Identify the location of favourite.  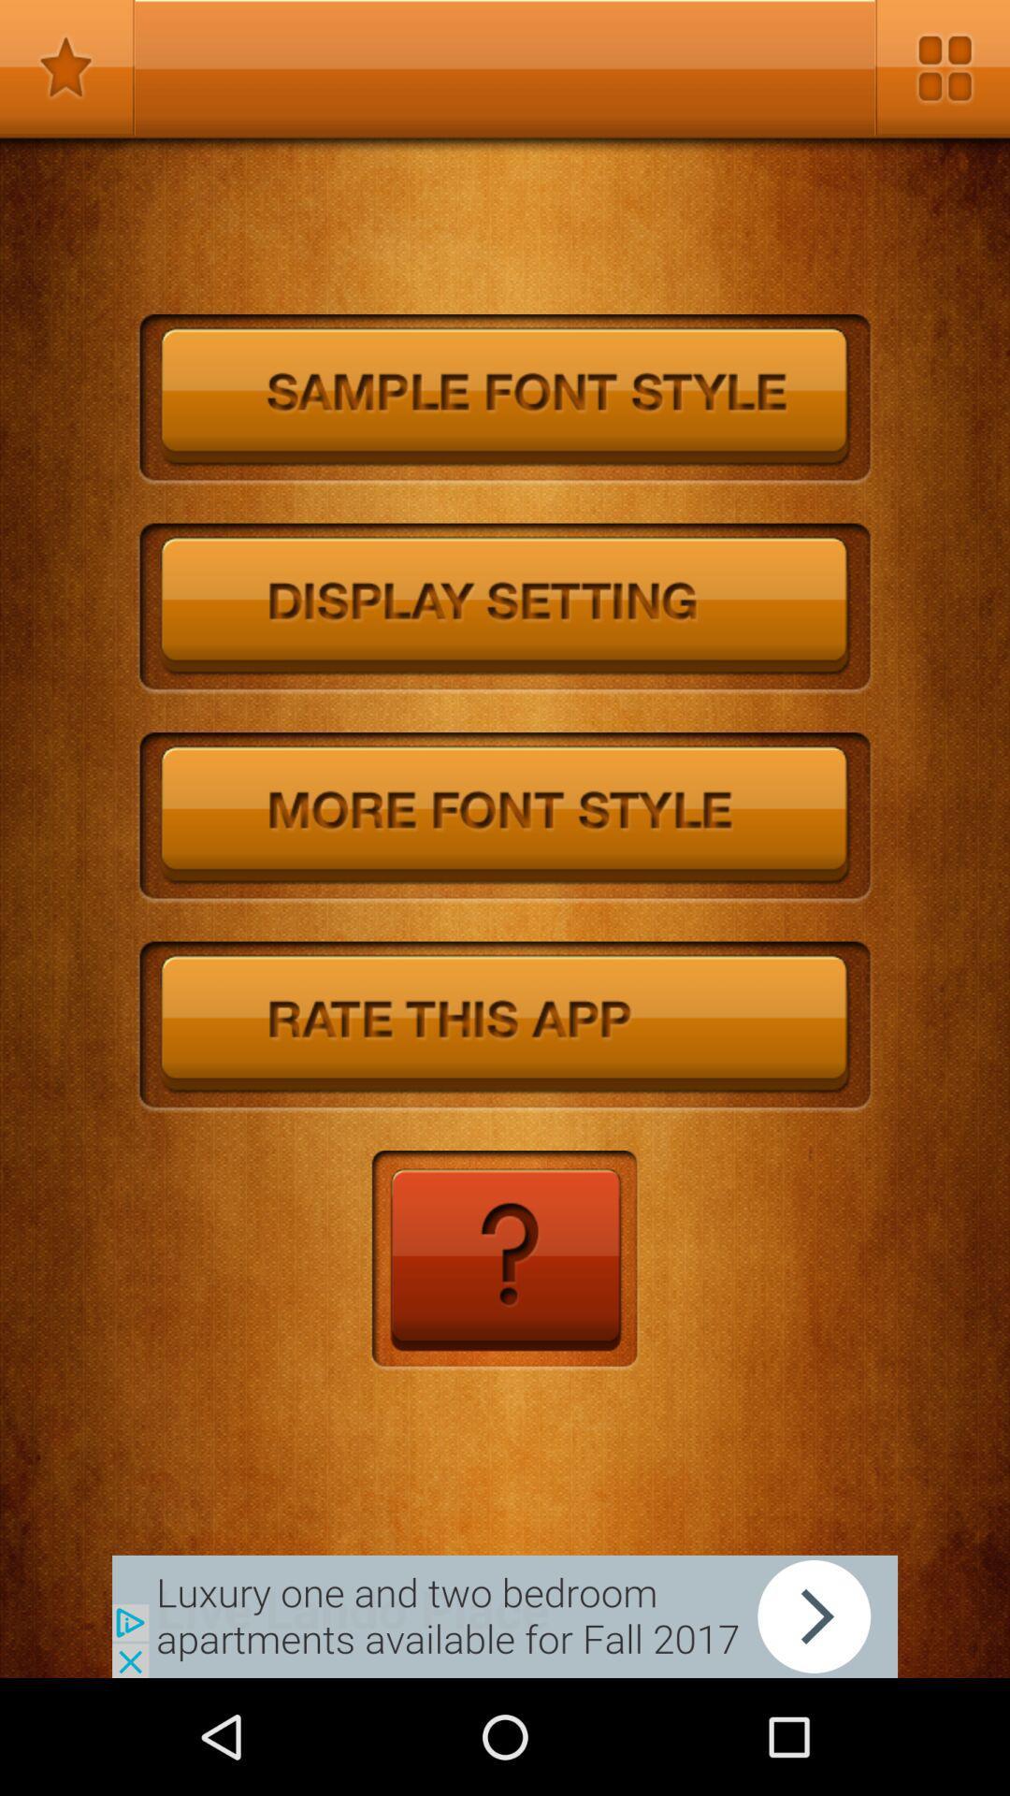
(66, 67).